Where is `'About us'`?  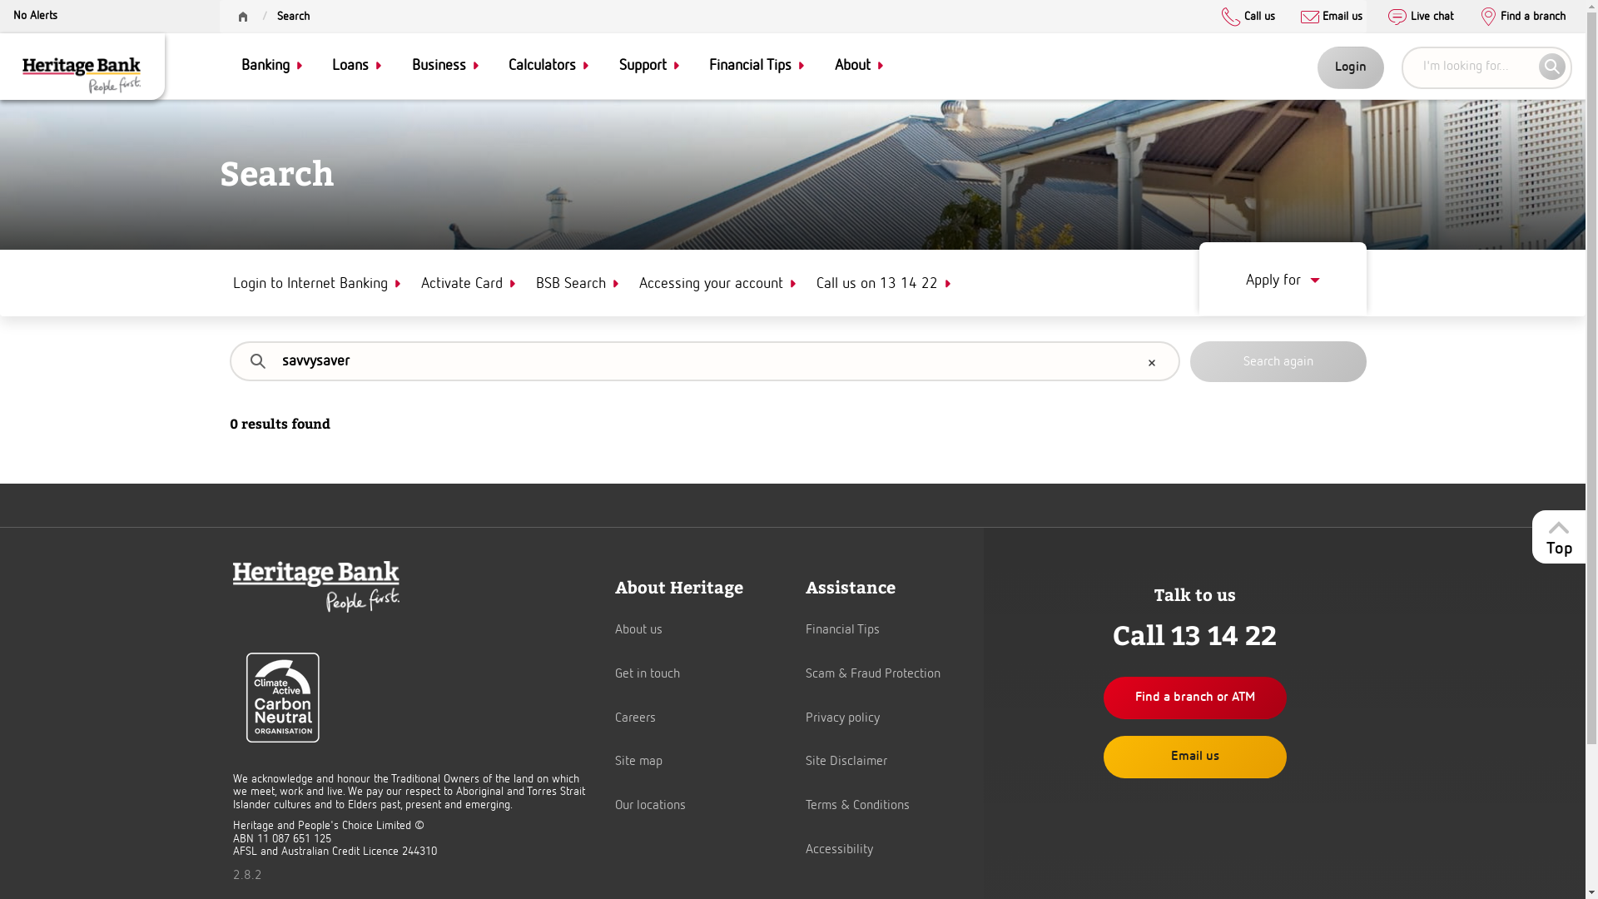
'About us' is located at coordinates (638, 629).